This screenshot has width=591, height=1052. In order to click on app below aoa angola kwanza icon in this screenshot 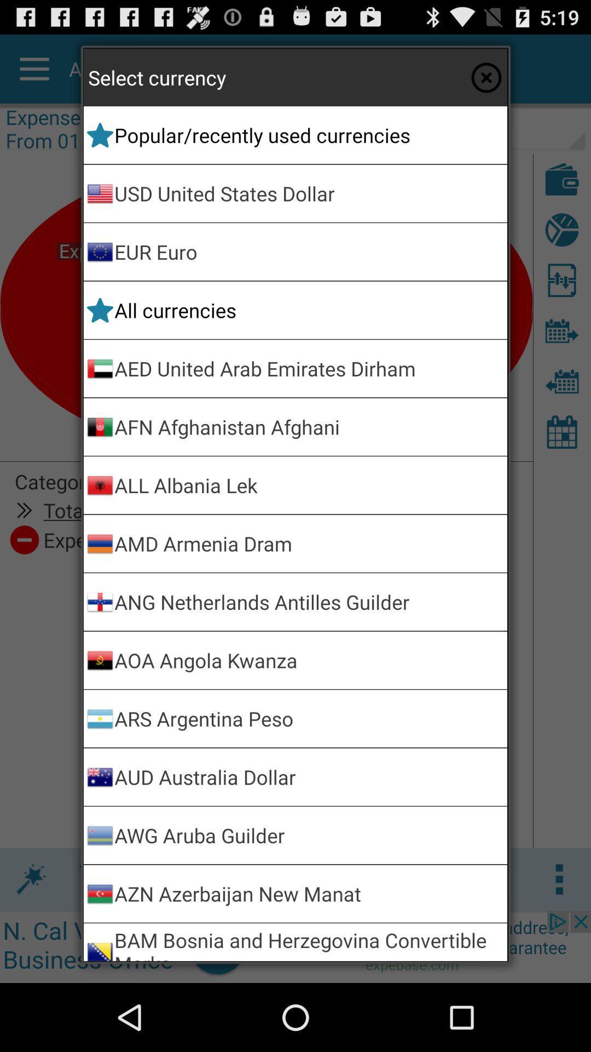, I will do `click(309, 718)`.